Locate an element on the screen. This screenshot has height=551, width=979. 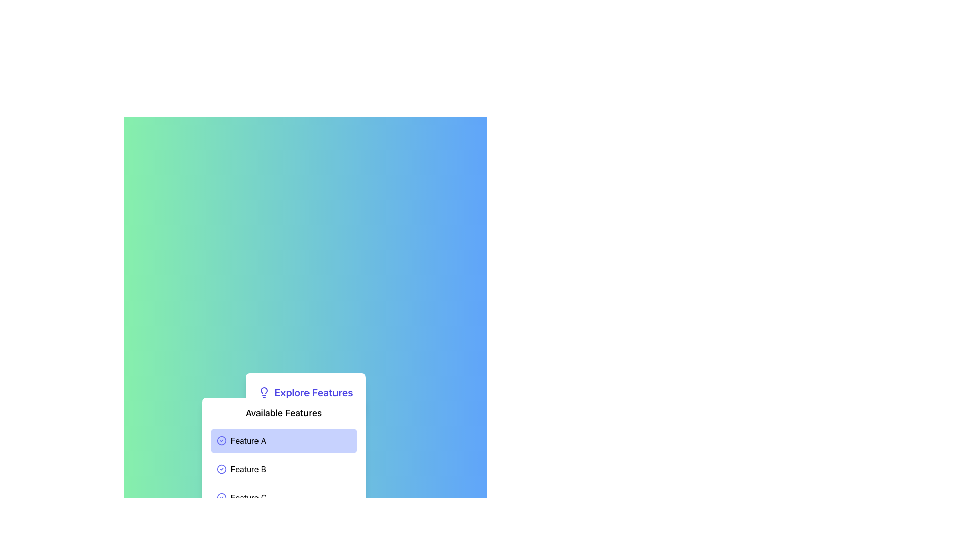
the text heading 'Available Features' which is styled with bold typography and larger font size, located at the top of a card-like panel below the label 'Explore Features' is located at coordinates (284, 413).